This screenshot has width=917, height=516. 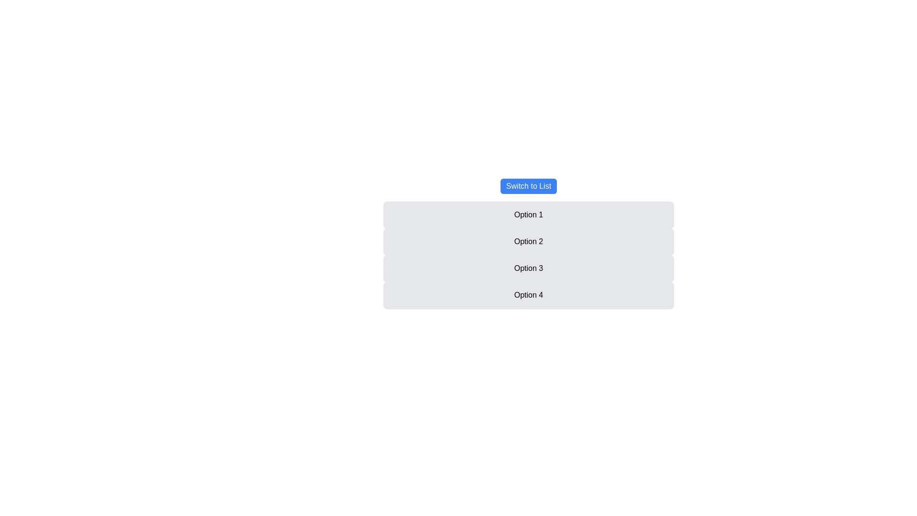 What do you see at coordinates (528, 243) in the screenshot?
I see `the second item in the list, which is positioned below 'Option 1' and above 'Option 3'` at bounding box center [528, 243].